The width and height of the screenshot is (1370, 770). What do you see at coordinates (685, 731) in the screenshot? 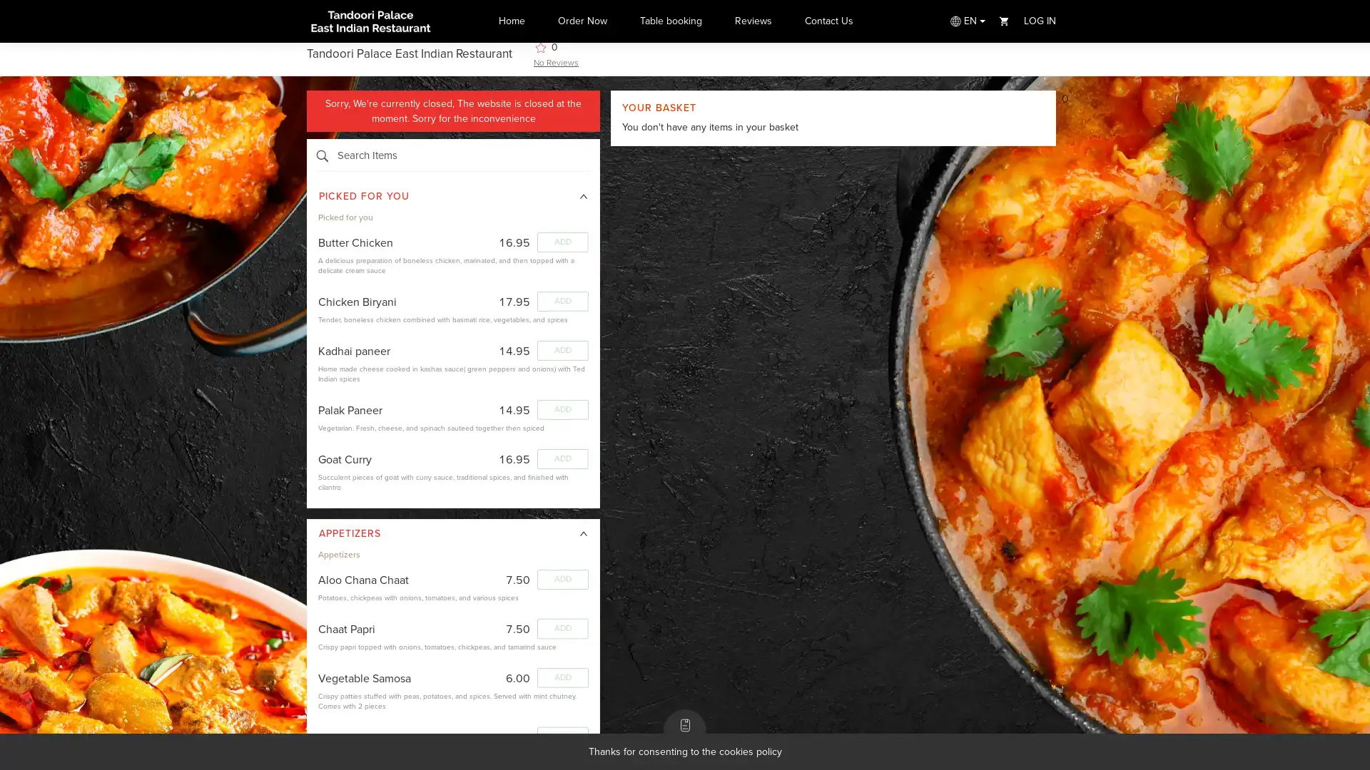
I see `MENU` at bounding box center [685, 731].